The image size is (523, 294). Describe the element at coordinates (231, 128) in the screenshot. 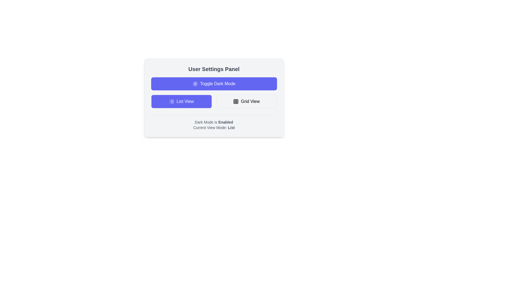

I see `the text label displaying the word 'List', which is part of the phrase 'Current View Mode: List', located towards the bottom of the panel interface` at that location.